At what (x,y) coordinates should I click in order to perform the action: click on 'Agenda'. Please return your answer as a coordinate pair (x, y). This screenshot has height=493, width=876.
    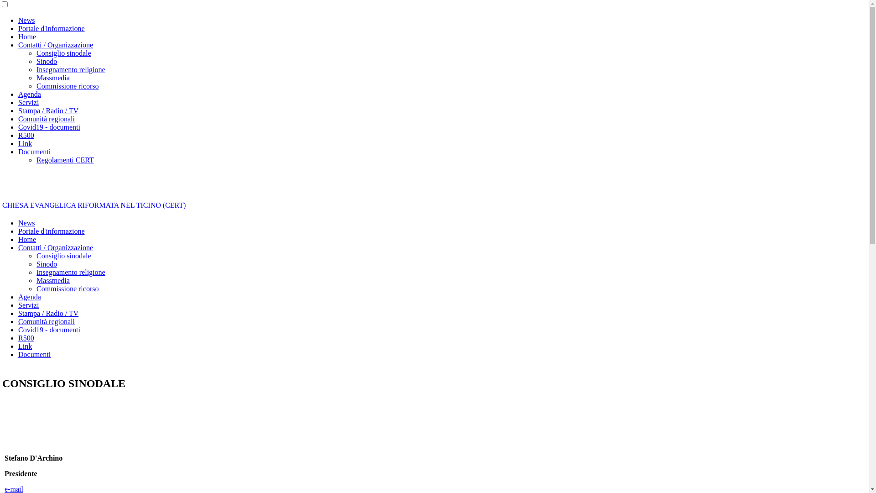
    Looking at the image, I should click on (18, 297).